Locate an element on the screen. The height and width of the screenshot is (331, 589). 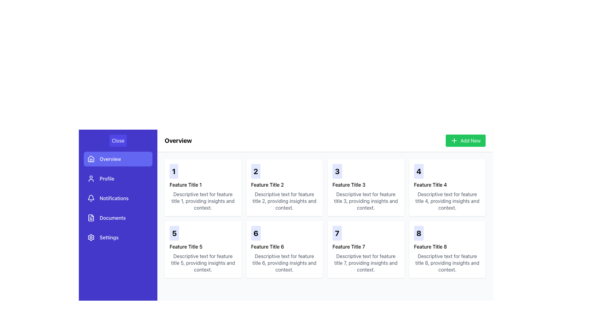
the informational card located in the first row, third column of the grid layout, which presents information about a specific feature is located at coordinates (366, 187).